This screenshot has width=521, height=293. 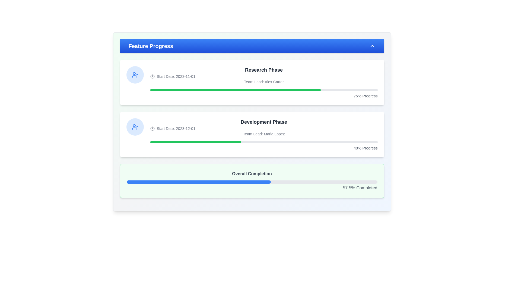 I want to click on the clock icon located at the beginning of the 'Start Date: 2023-11-01' text block in the 'Feature Progress' section, so click(x=152, y=76).